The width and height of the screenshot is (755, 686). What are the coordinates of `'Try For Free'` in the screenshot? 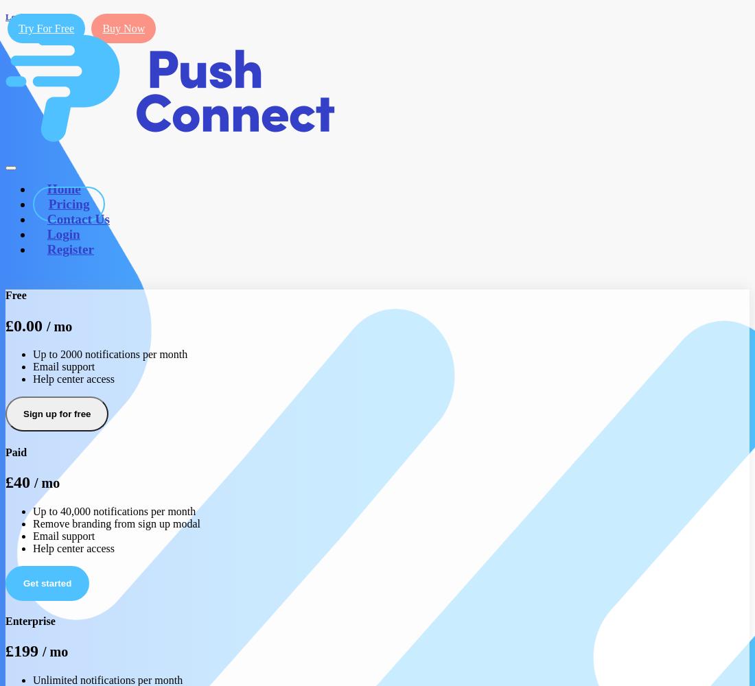 It's located at (17, 28).